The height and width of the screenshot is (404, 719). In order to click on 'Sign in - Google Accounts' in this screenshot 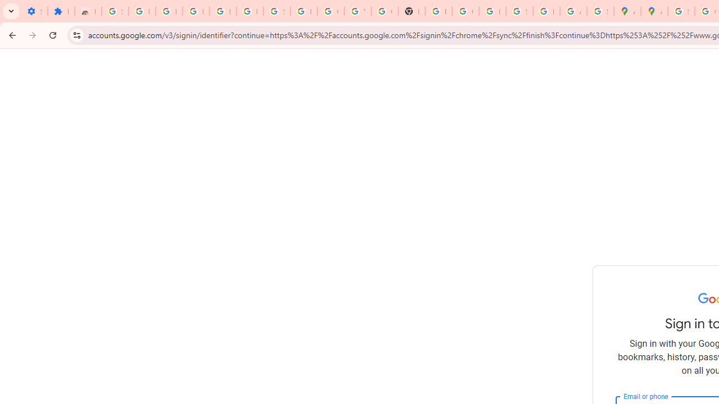, I will do `click(680, 11)`.